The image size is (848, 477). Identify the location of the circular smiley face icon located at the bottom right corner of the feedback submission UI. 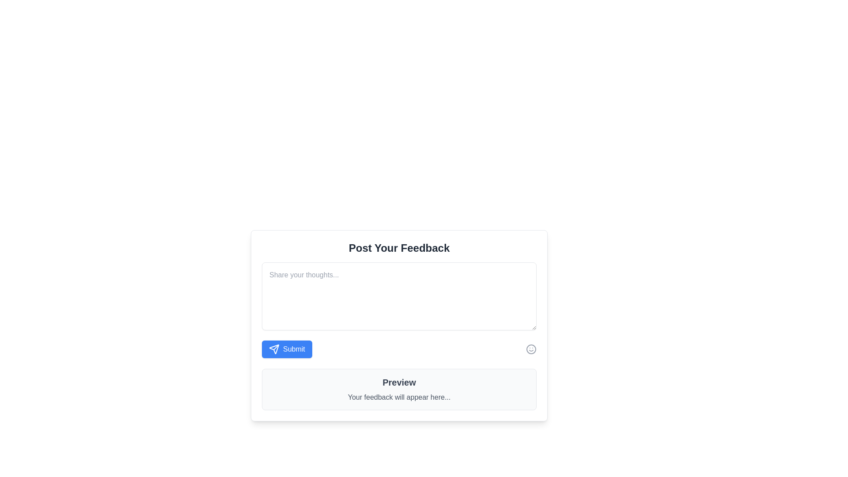
(531, 348).